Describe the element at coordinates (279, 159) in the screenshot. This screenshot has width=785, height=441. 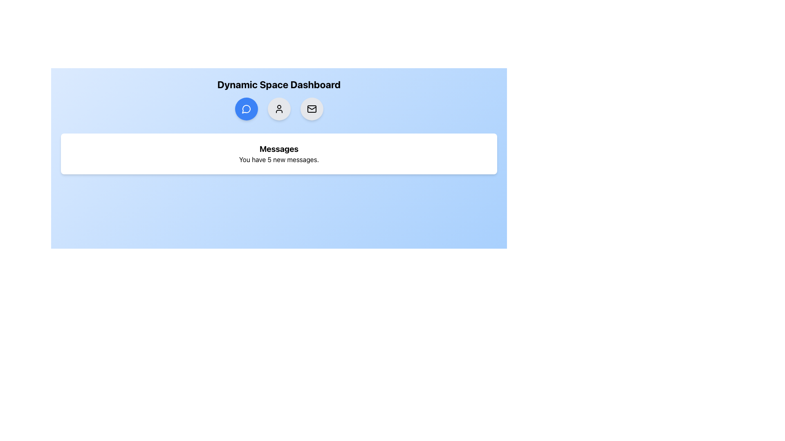
I see `the Text element that informs users about the number of new messages, located below the 'Messages' heading` at that location.